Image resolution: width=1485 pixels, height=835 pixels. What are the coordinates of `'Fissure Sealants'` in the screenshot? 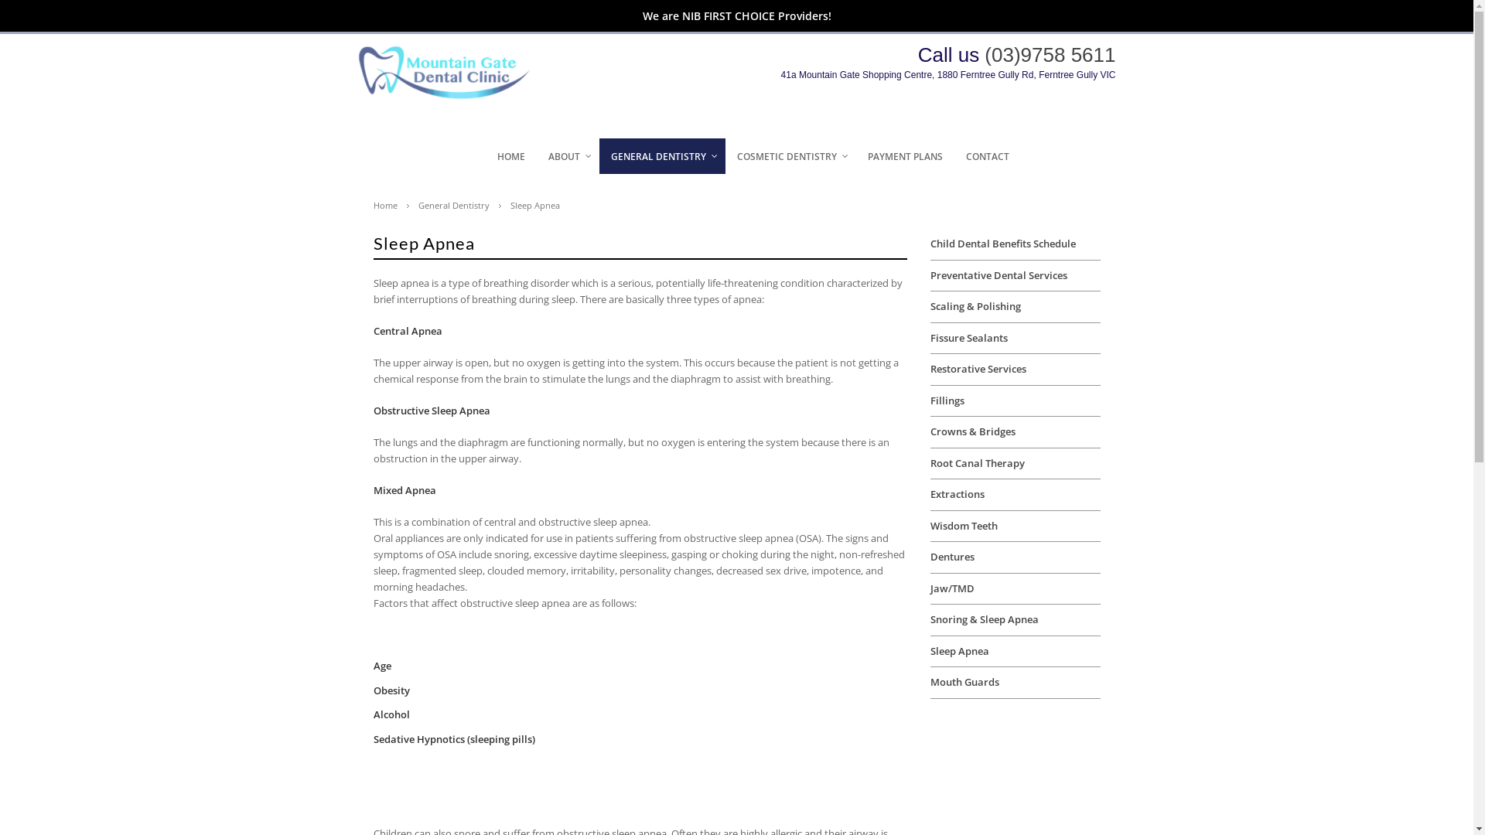 It's located at (968, 336).